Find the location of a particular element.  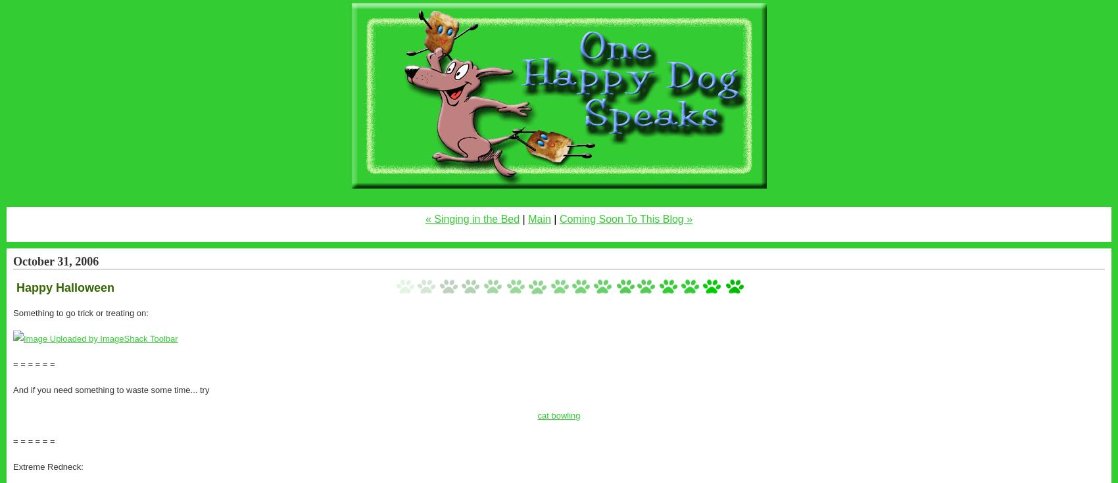

'cat bowling' is located at coordinates (558, 415).